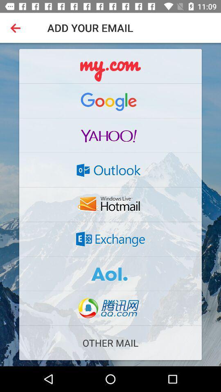 Image resolution: width=221 pixels, height=392 pixels. What do you see at coordinates (17, 28) in the screenshot?
I see `app to the left of add your email` at bounding box center [17, 28].